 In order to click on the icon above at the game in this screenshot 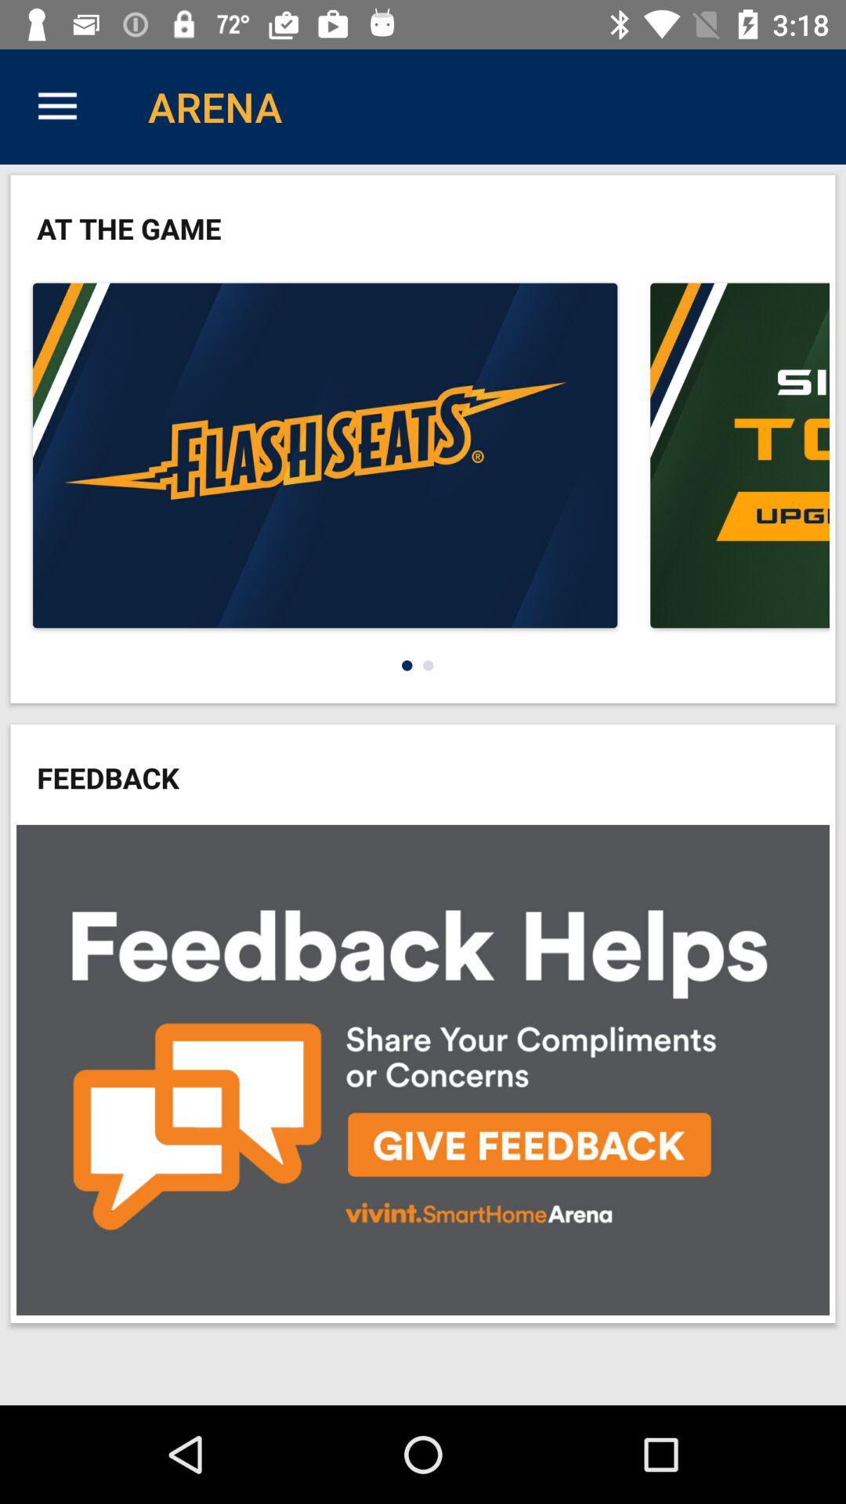, I will do `click(56, 106)`.